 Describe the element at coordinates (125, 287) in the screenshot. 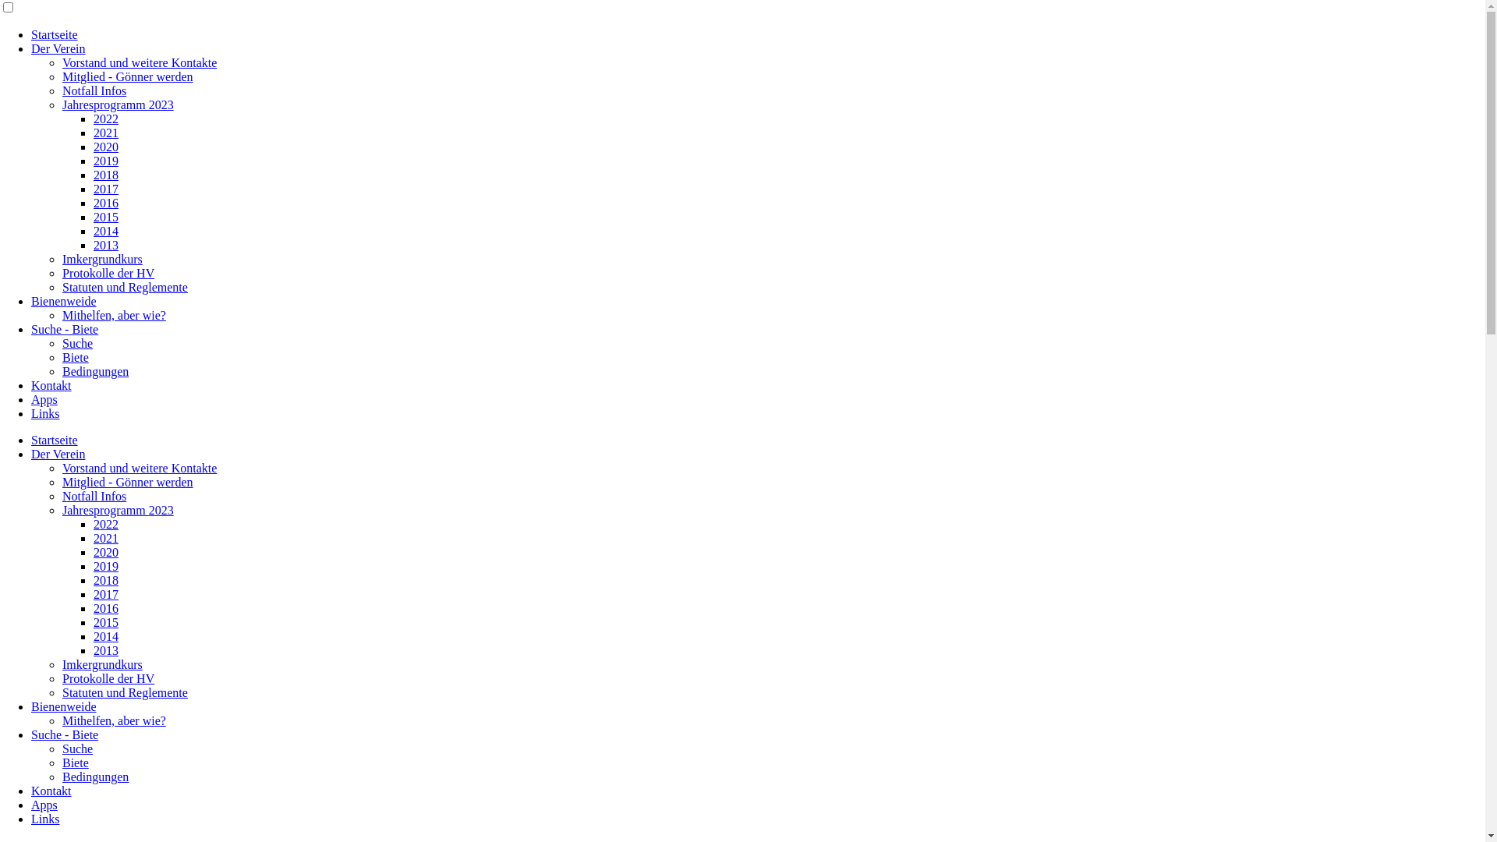

I see `'Statuten und Reglemente'` at that location.